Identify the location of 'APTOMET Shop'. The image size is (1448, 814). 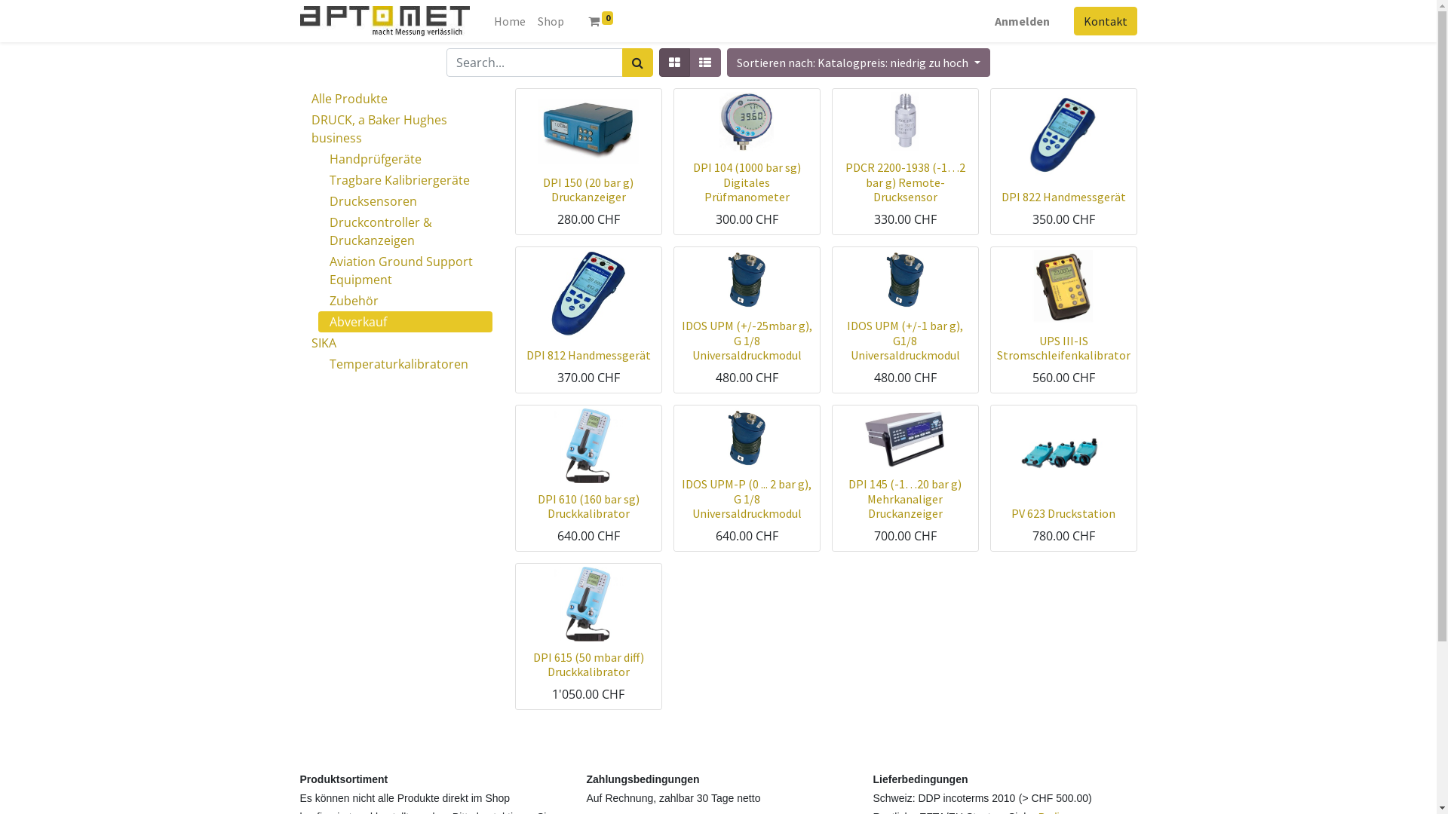
(385, 20).